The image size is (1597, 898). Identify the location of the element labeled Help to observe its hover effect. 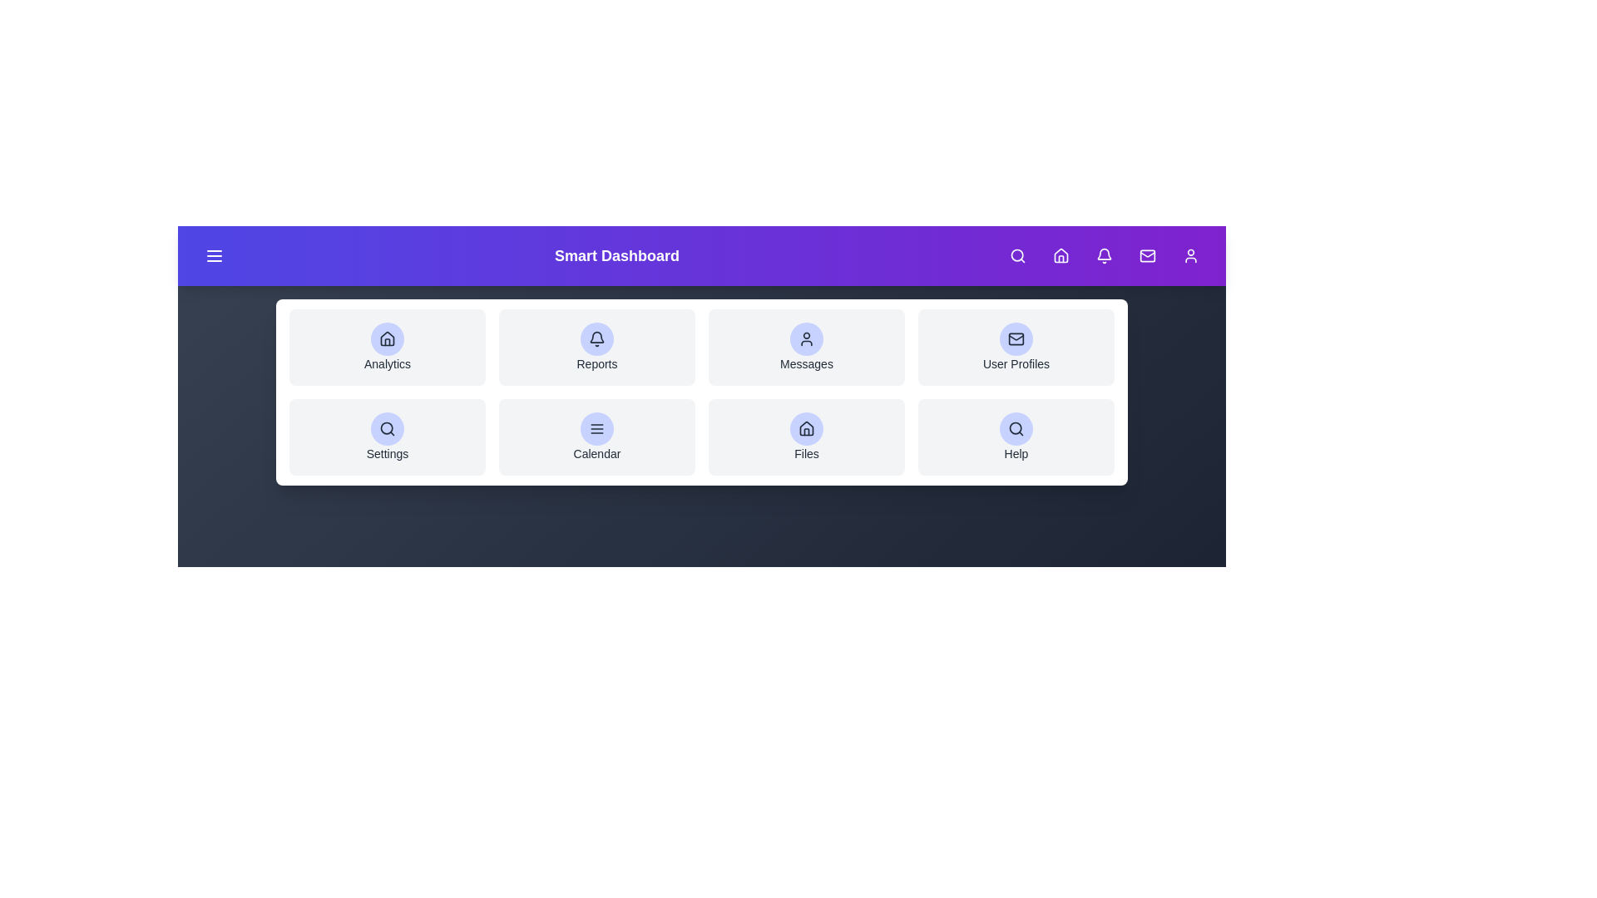
(1016, 436).